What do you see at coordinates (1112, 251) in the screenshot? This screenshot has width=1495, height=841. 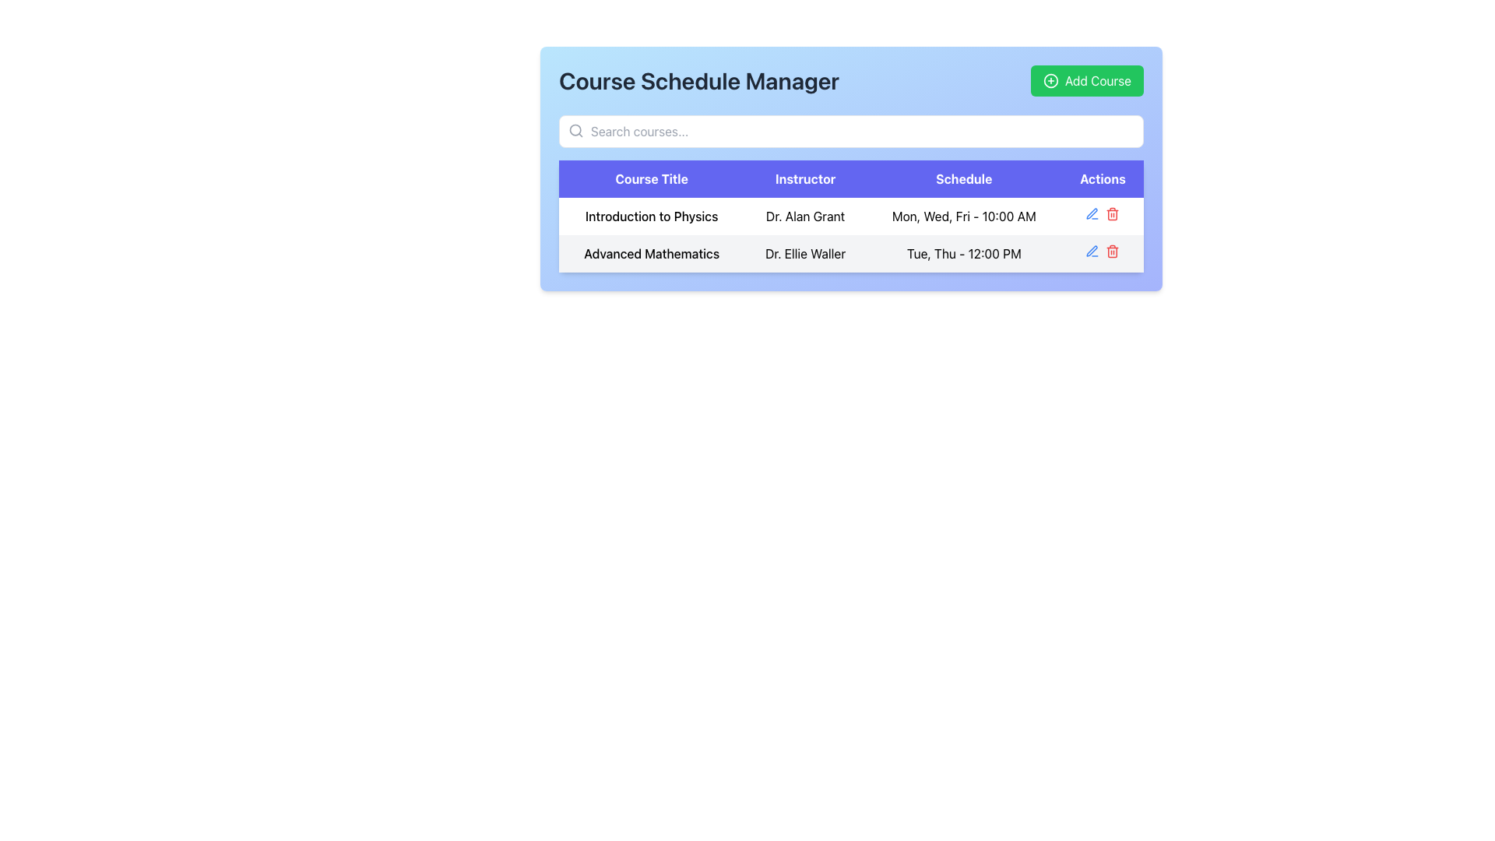 I see `the delete button located in the second row of the table under the 'Actions' column` at bounding box center [1112, 251].